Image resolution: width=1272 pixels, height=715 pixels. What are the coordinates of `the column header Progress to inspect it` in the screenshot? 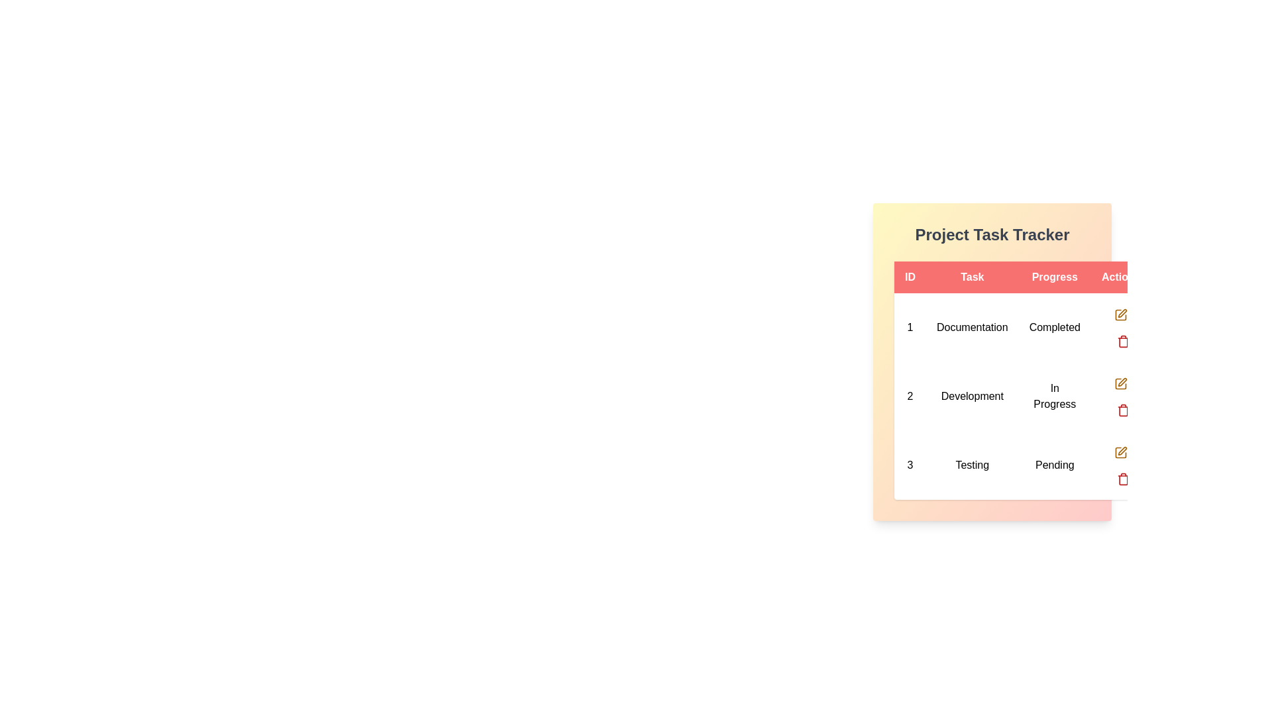 It's located at (1054, 277).